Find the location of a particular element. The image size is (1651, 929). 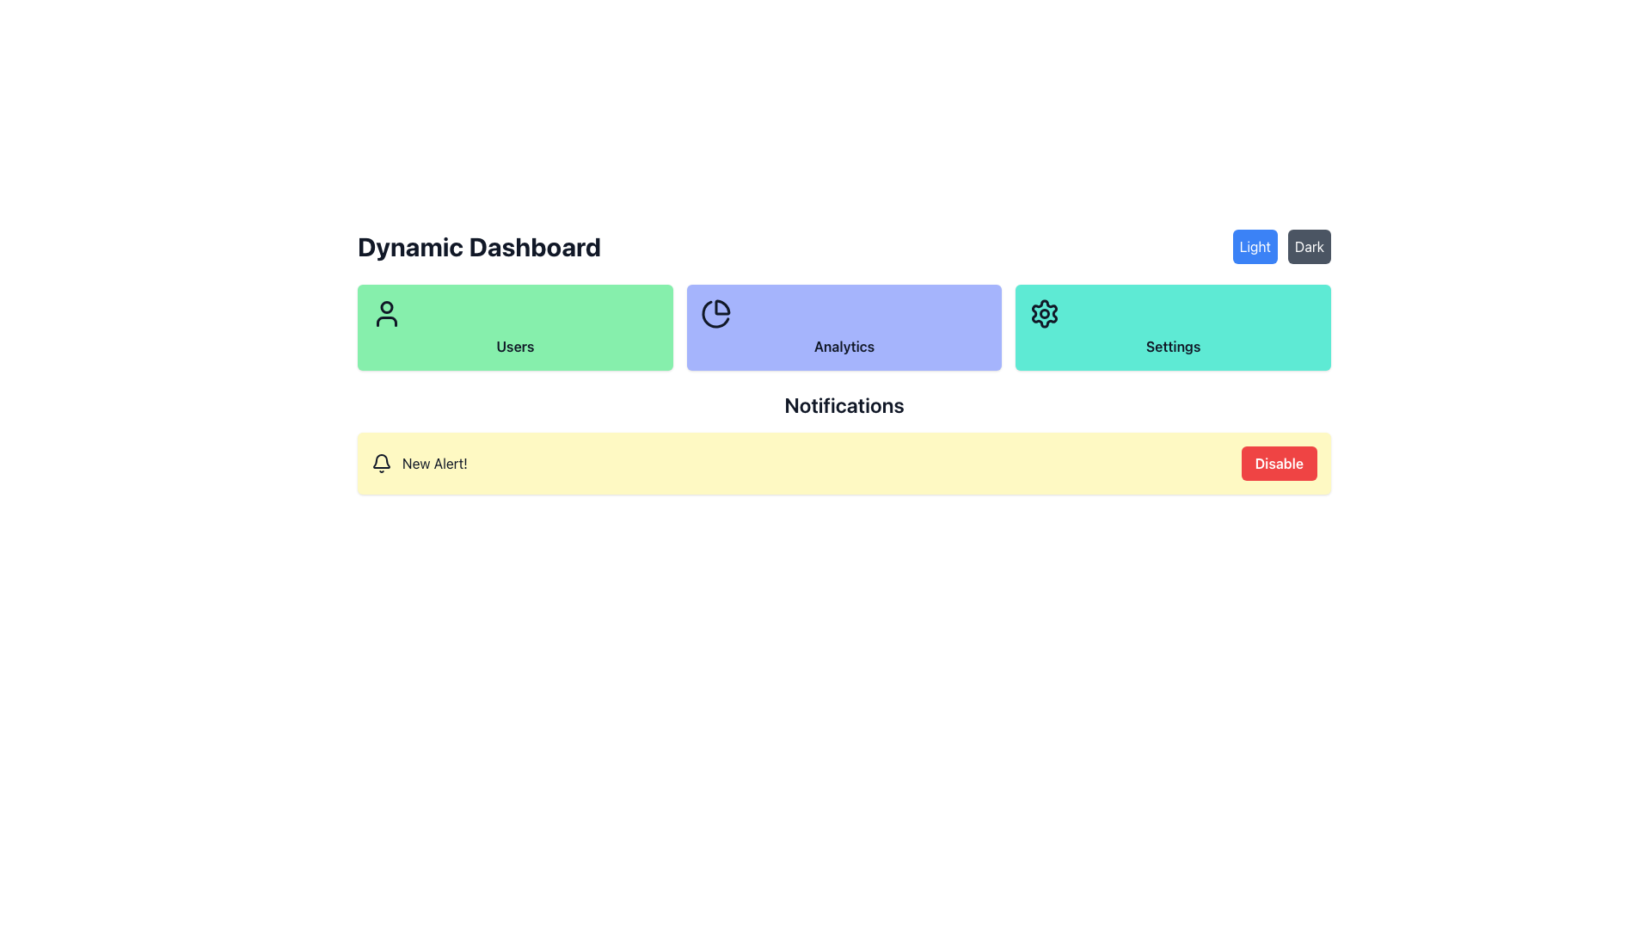

the gear icon located on the settings button, which is positioned to the far right in the row of utility buttons is located at coordinates (1044, 314).